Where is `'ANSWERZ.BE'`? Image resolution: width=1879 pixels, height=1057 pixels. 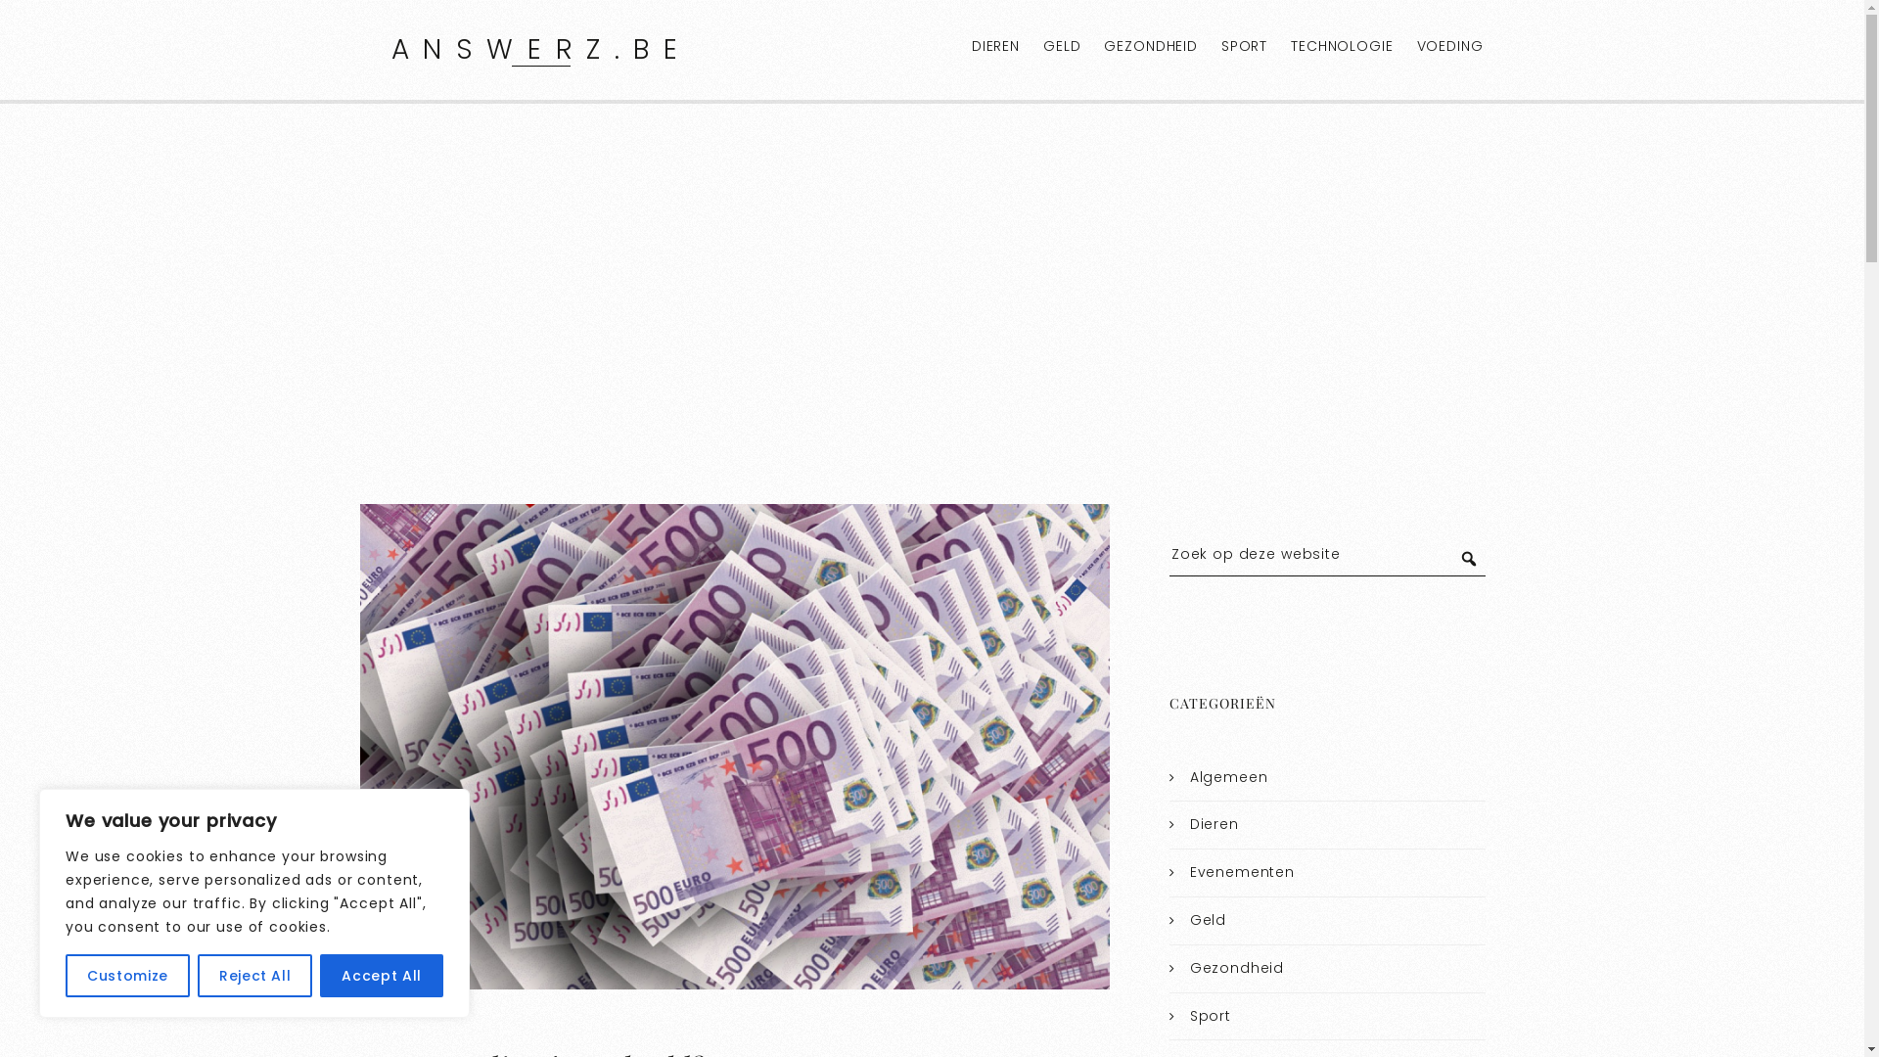 'ANSWERZ.BE' is located at coordinates (541, 48).